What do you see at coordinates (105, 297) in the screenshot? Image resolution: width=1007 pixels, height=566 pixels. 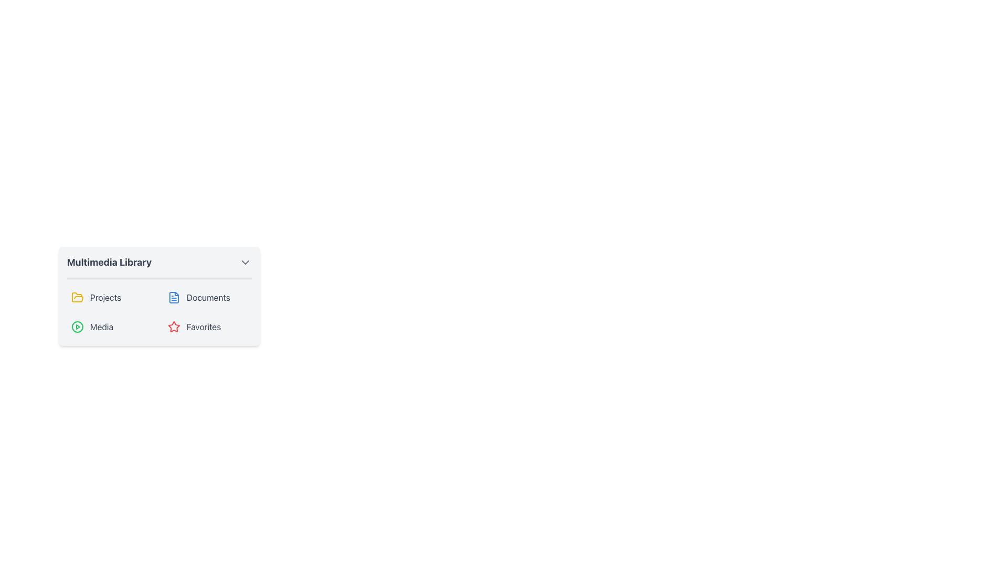 I see `the text label that provides context for the adjacent folder icon in the 'Multimedia Library' panel` at bounding box center [105, 297].